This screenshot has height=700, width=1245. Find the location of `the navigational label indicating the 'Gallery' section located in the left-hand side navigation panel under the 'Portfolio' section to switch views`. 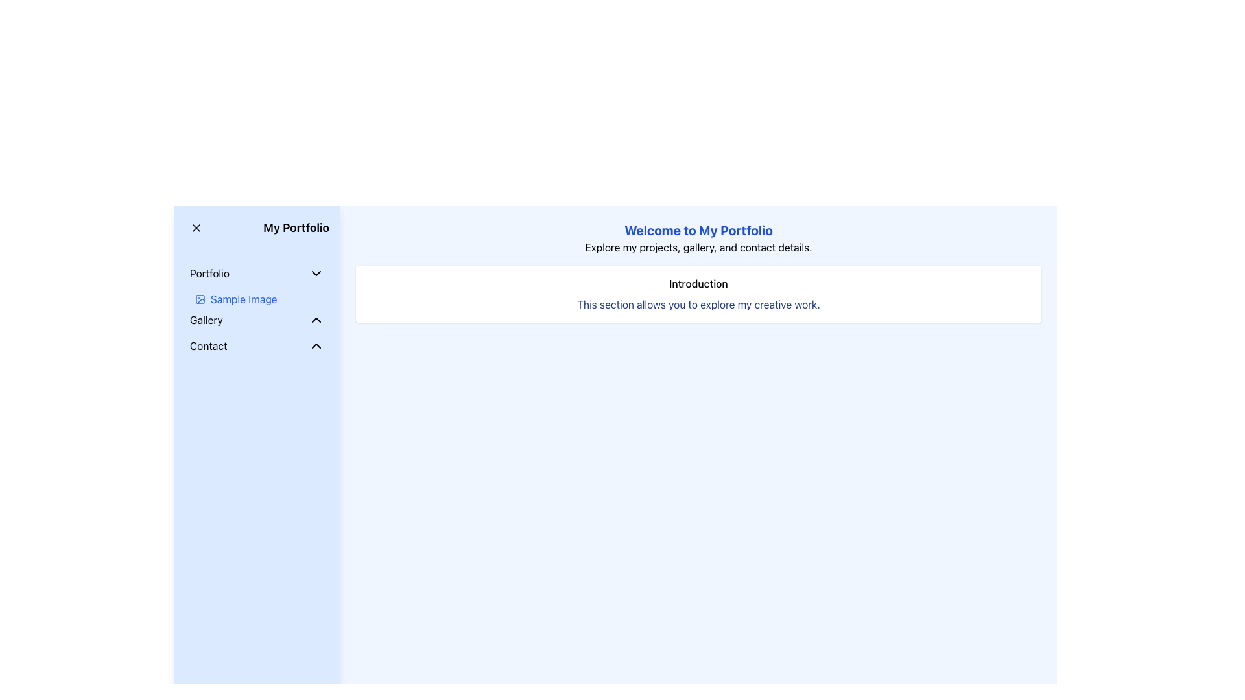

the navigational label indicating the 'Gallery' section located in the left-hand side navigation panel under the 'Portfolio' section to switch views is located at coordinates (205, 320).